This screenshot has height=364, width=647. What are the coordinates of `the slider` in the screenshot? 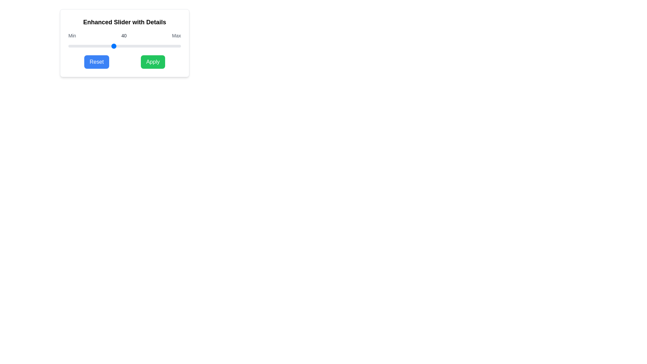 It's located at (152, 46).